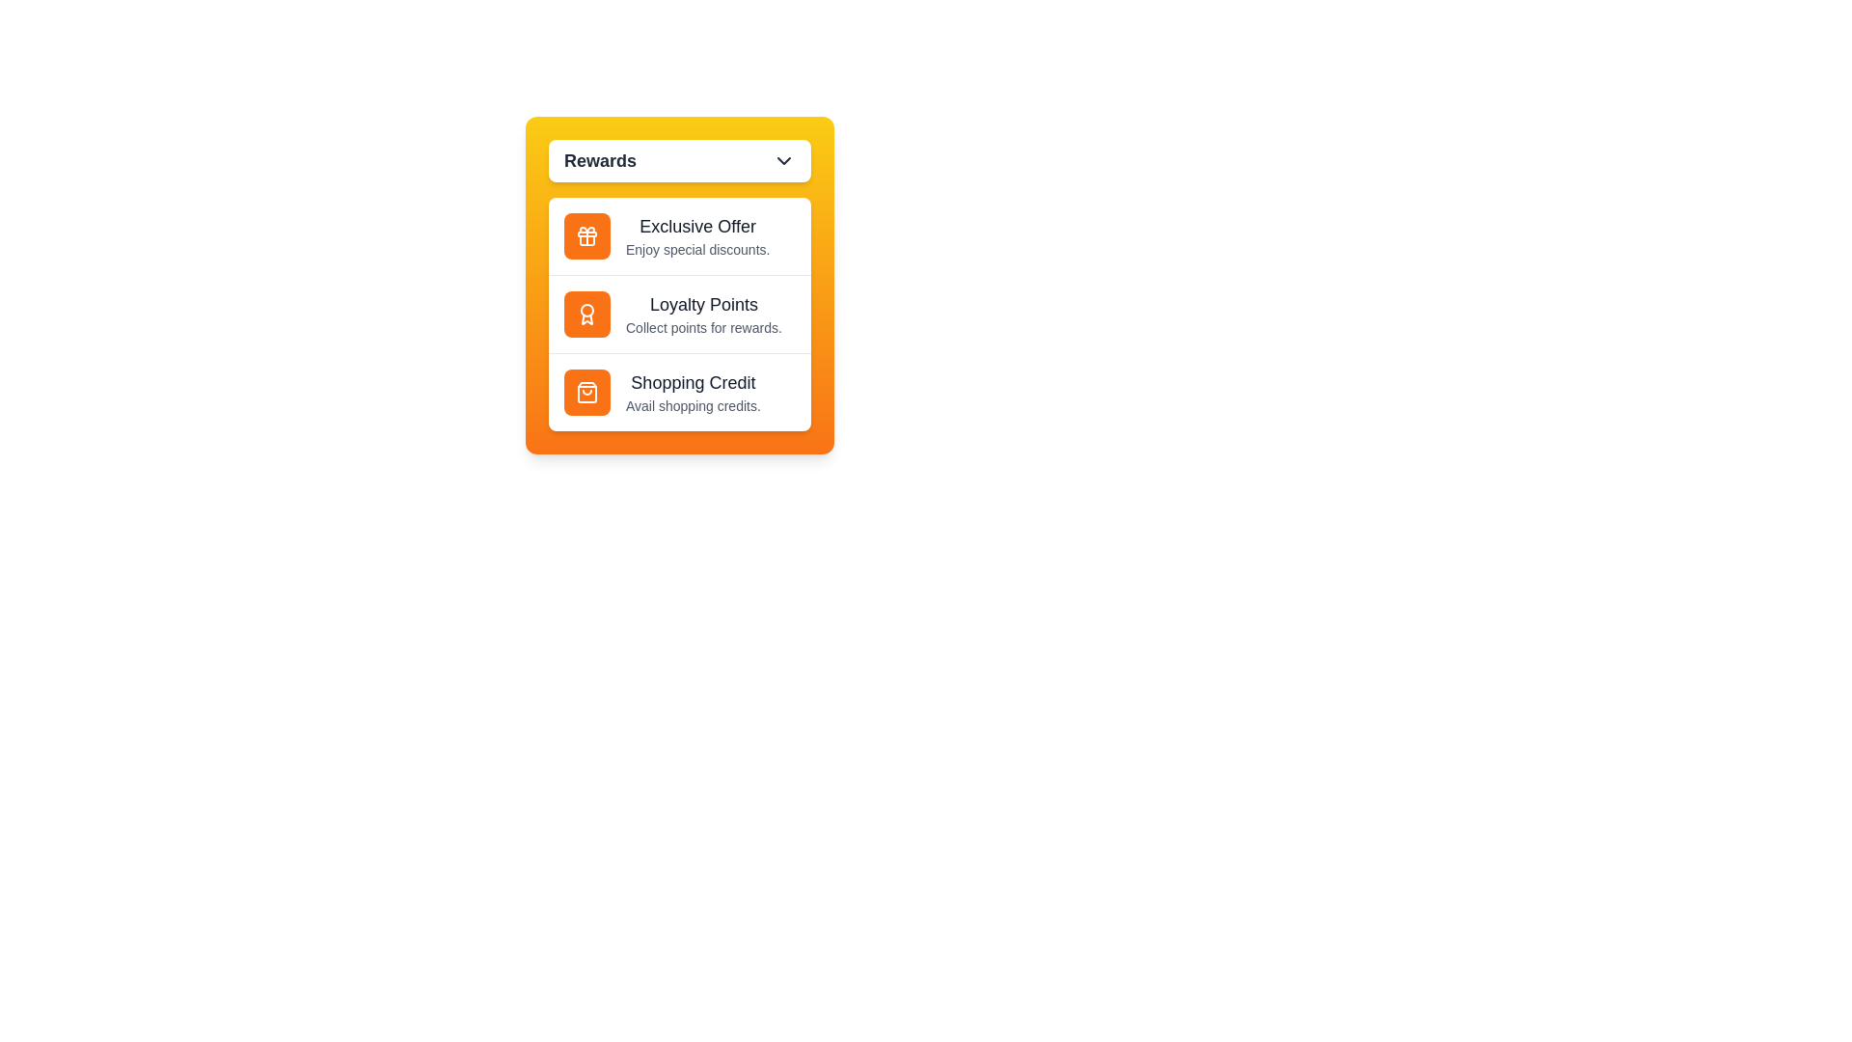  What do you see at coordinates (702, 314) in the screenshot?
I see `the textual information block about the loyalty program, which is the second item in the list, positioned below 'Exclusive Offer' and above 'Shopping Credit', accompanied by an orange icon with badge graphics` at bounding box center [702, 314].